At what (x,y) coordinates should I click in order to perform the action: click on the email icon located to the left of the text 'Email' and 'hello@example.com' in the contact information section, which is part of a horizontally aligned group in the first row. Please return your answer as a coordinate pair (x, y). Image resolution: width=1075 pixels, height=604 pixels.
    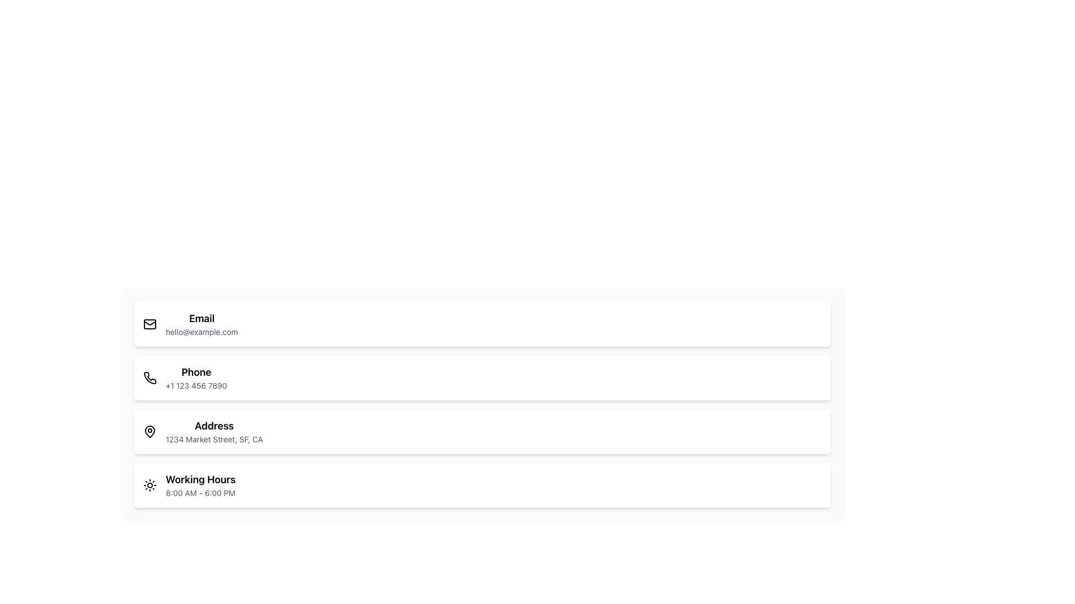
    Looking at the image, I should click on (149, 324).